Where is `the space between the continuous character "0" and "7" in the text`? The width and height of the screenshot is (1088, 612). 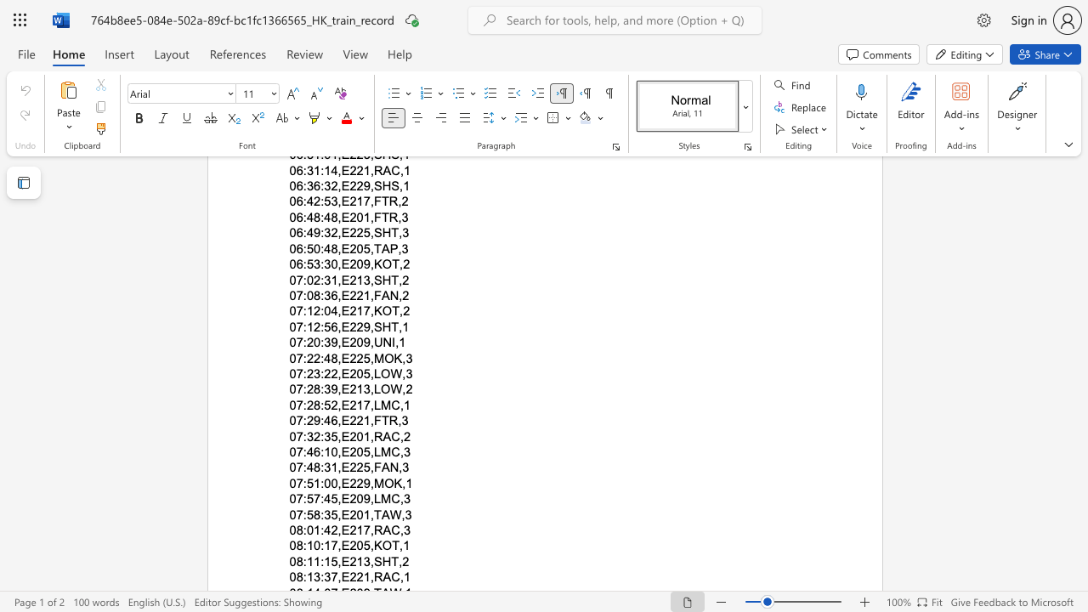
the space between the continuous character "0" and "7" in the text is located at coordinates (296, 389).